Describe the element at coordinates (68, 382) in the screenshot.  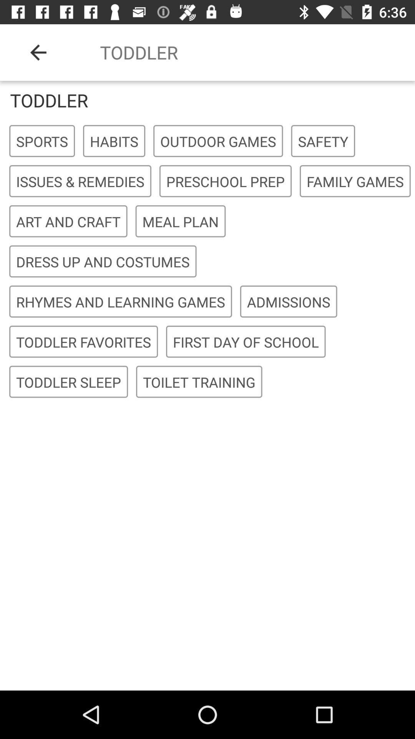
I see `the item next to the toilet training icon` at that location.